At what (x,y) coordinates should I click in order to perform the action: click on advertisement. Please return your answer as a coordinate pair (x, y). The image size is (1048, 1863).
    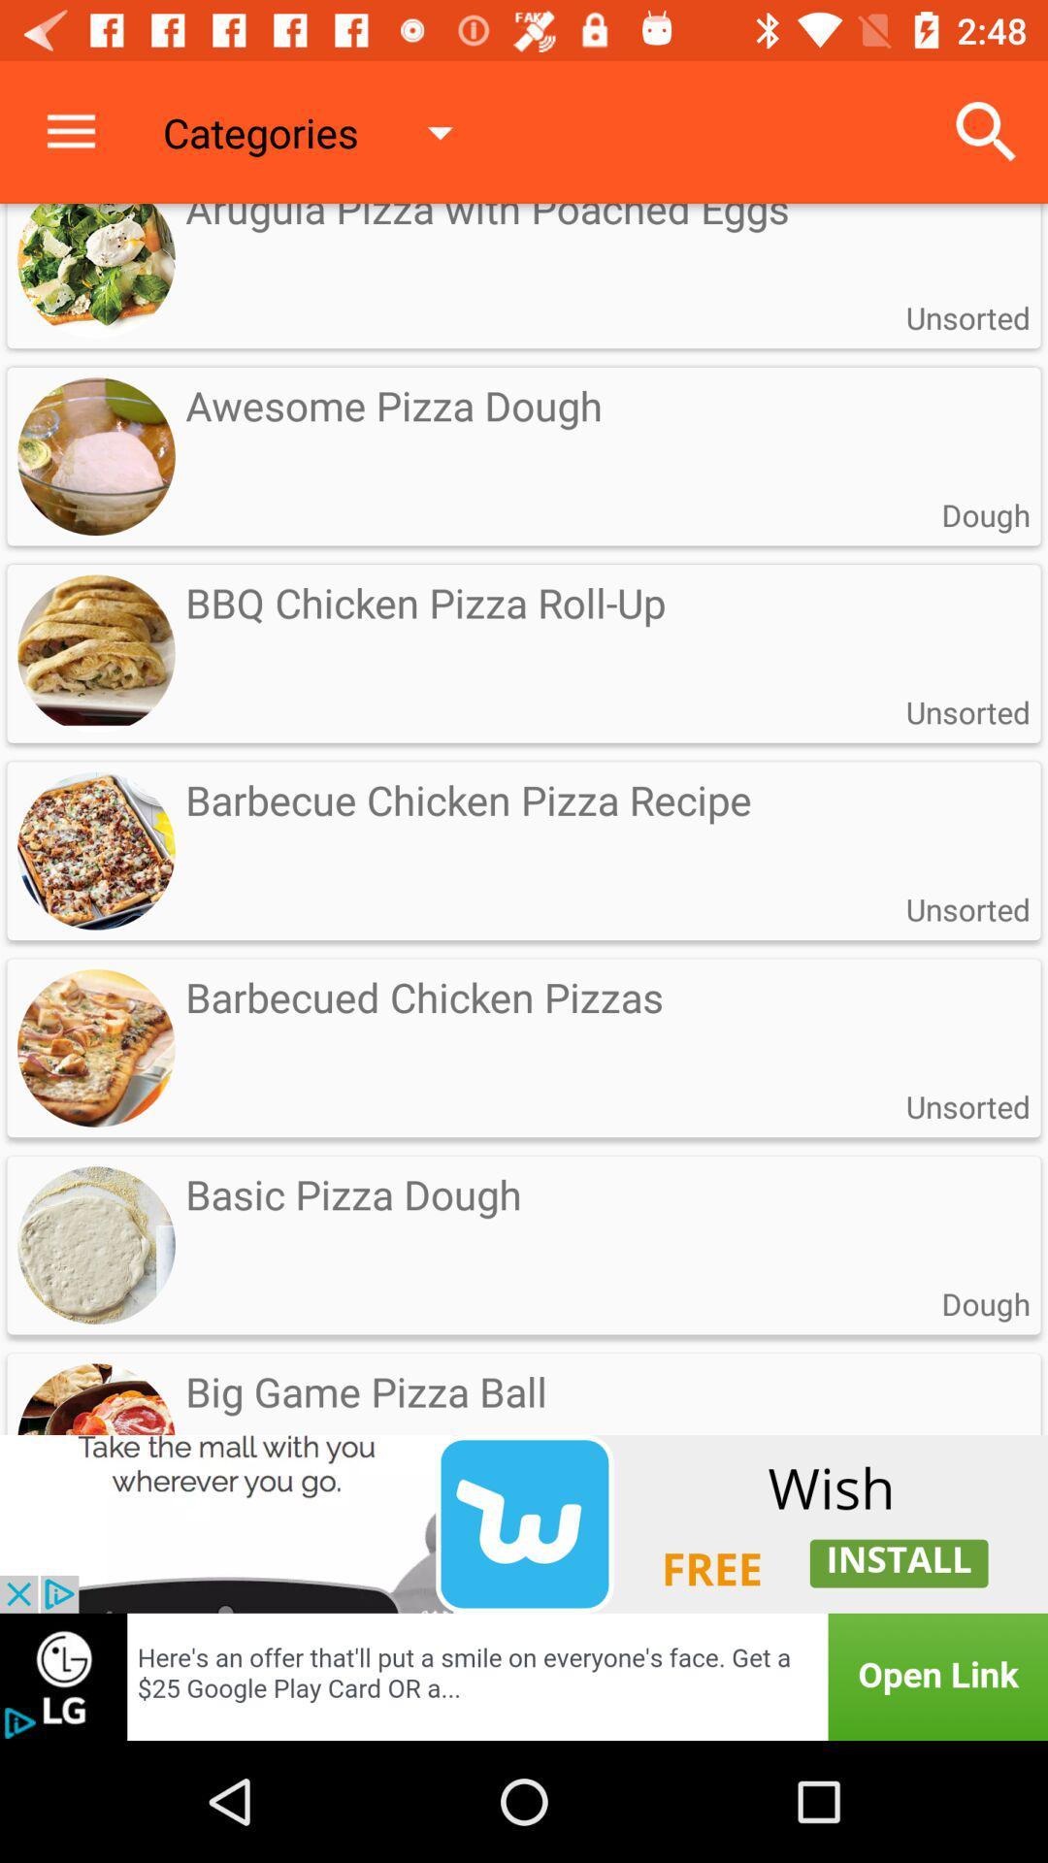
    Looking at the image, I should click on (524, 1676).